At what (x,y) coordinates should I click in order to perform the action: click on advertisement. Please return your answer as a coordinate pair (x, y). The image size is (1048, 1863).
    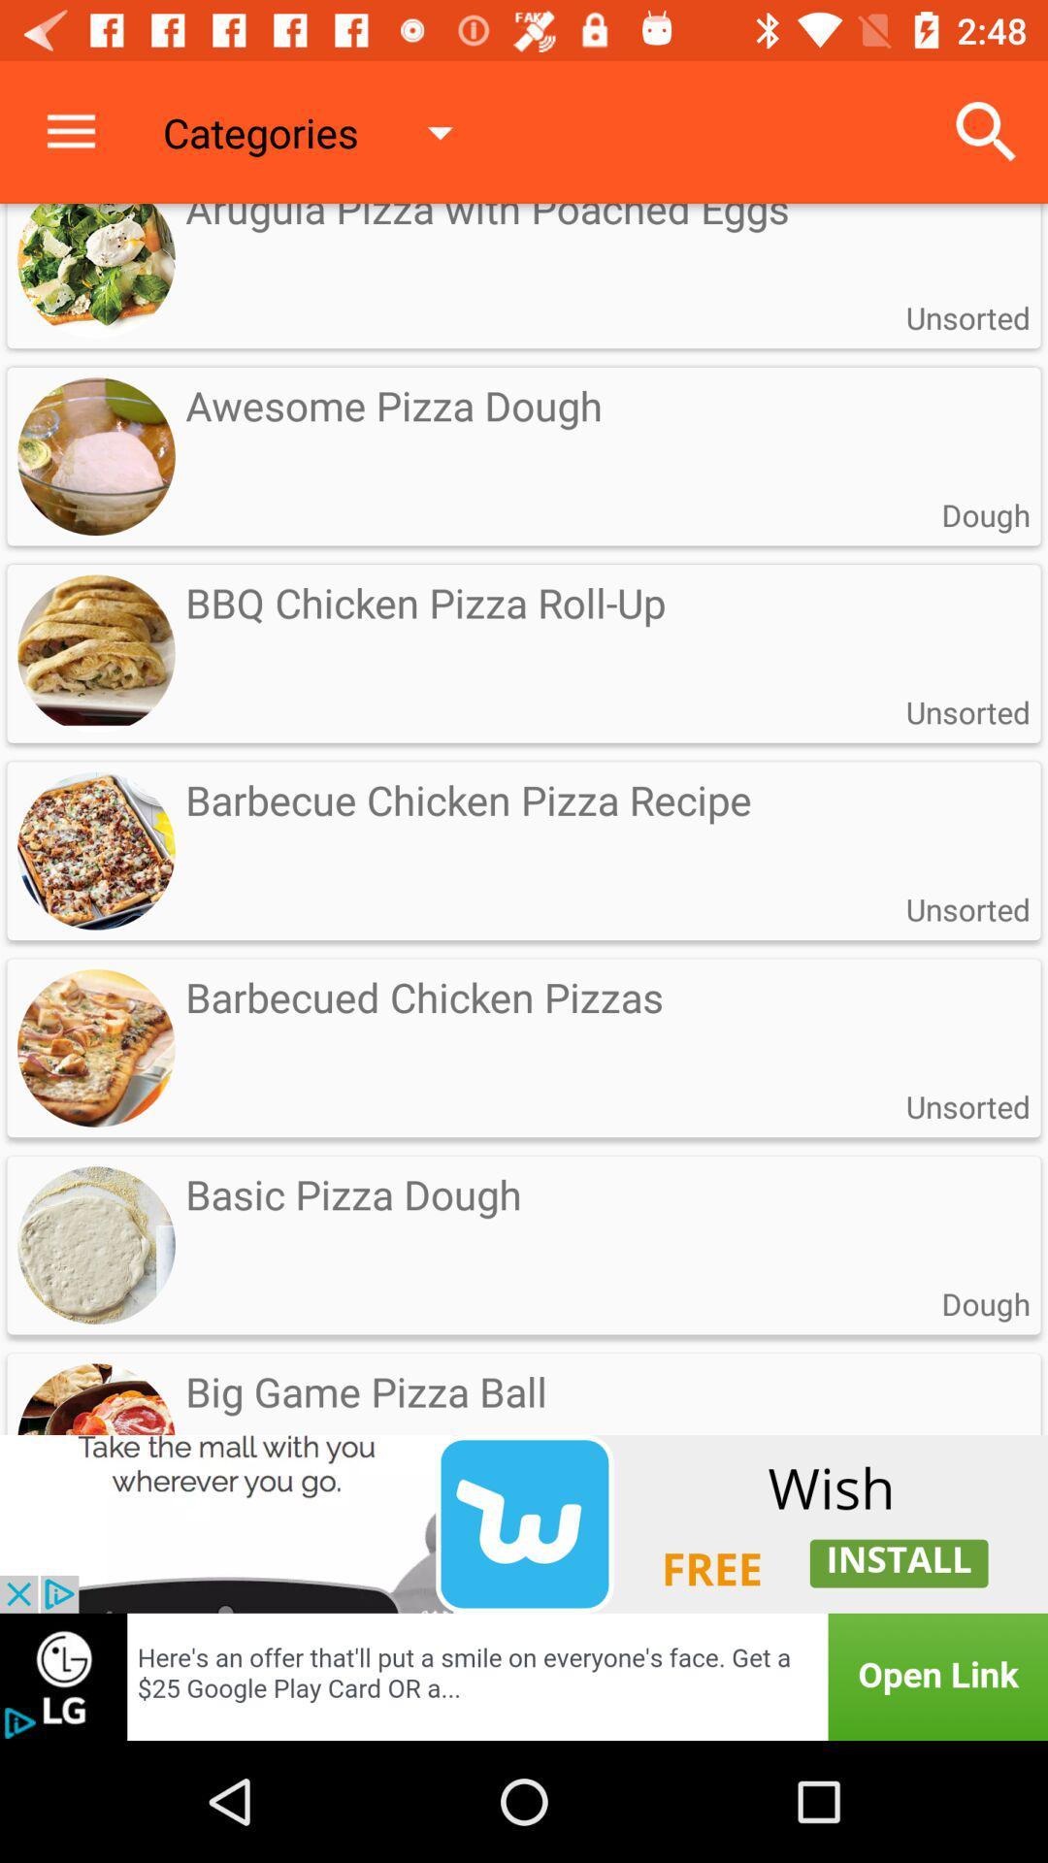
    Looking at the image, I should click on (524, 1676).